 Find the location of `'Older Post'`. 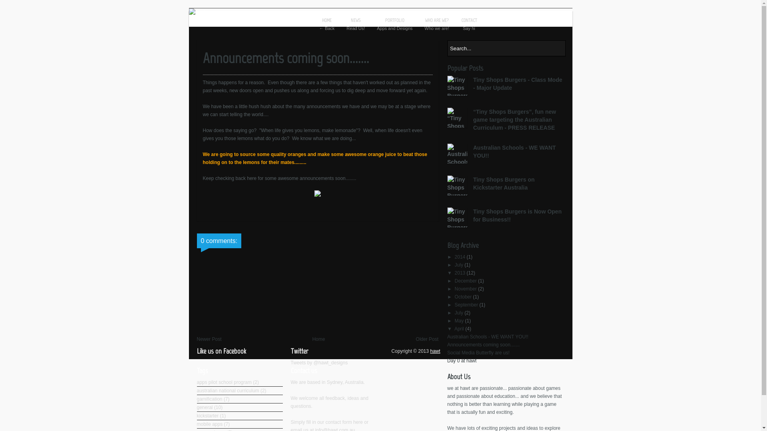

'Older Post' is located at coordinates (427, 339).